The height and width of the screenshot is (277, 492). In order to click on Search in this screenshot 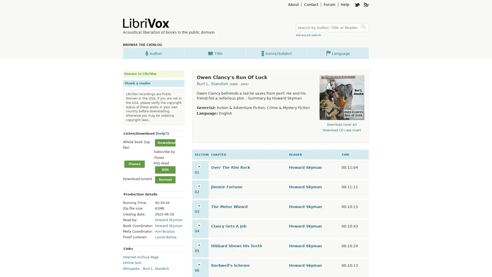, I will do `click(364, 27)`.